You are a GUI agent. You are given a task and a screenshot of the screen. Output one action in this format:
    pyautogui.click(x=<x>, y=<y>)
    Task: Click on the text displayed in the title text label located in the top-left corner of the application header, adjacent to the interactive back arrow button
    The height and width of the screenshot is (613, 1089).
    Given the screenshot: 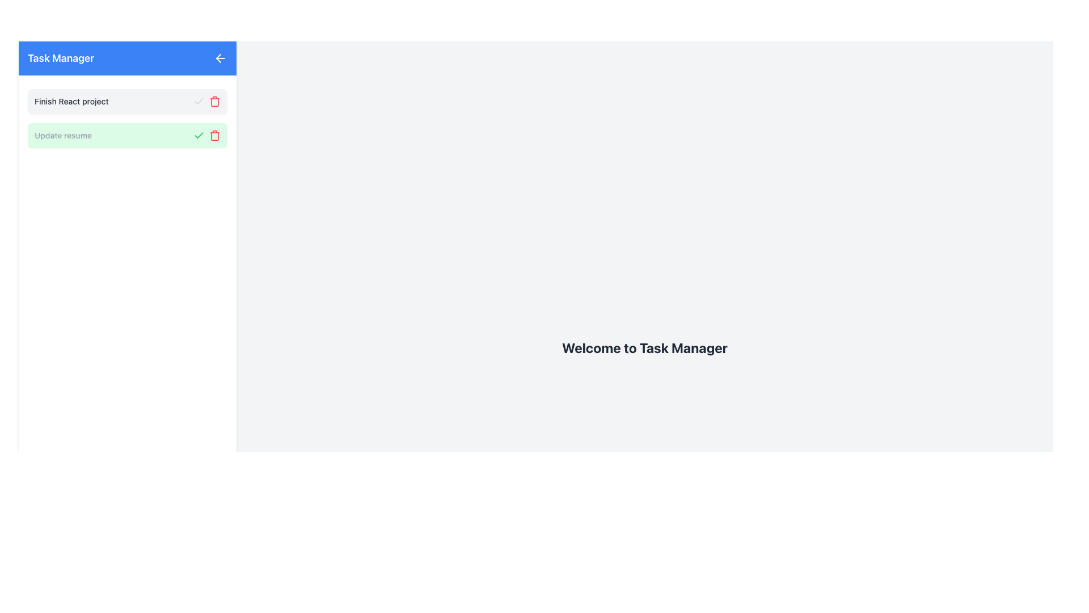 What is the action you would take?
    pyautogui.click(x=60, y=58)
    